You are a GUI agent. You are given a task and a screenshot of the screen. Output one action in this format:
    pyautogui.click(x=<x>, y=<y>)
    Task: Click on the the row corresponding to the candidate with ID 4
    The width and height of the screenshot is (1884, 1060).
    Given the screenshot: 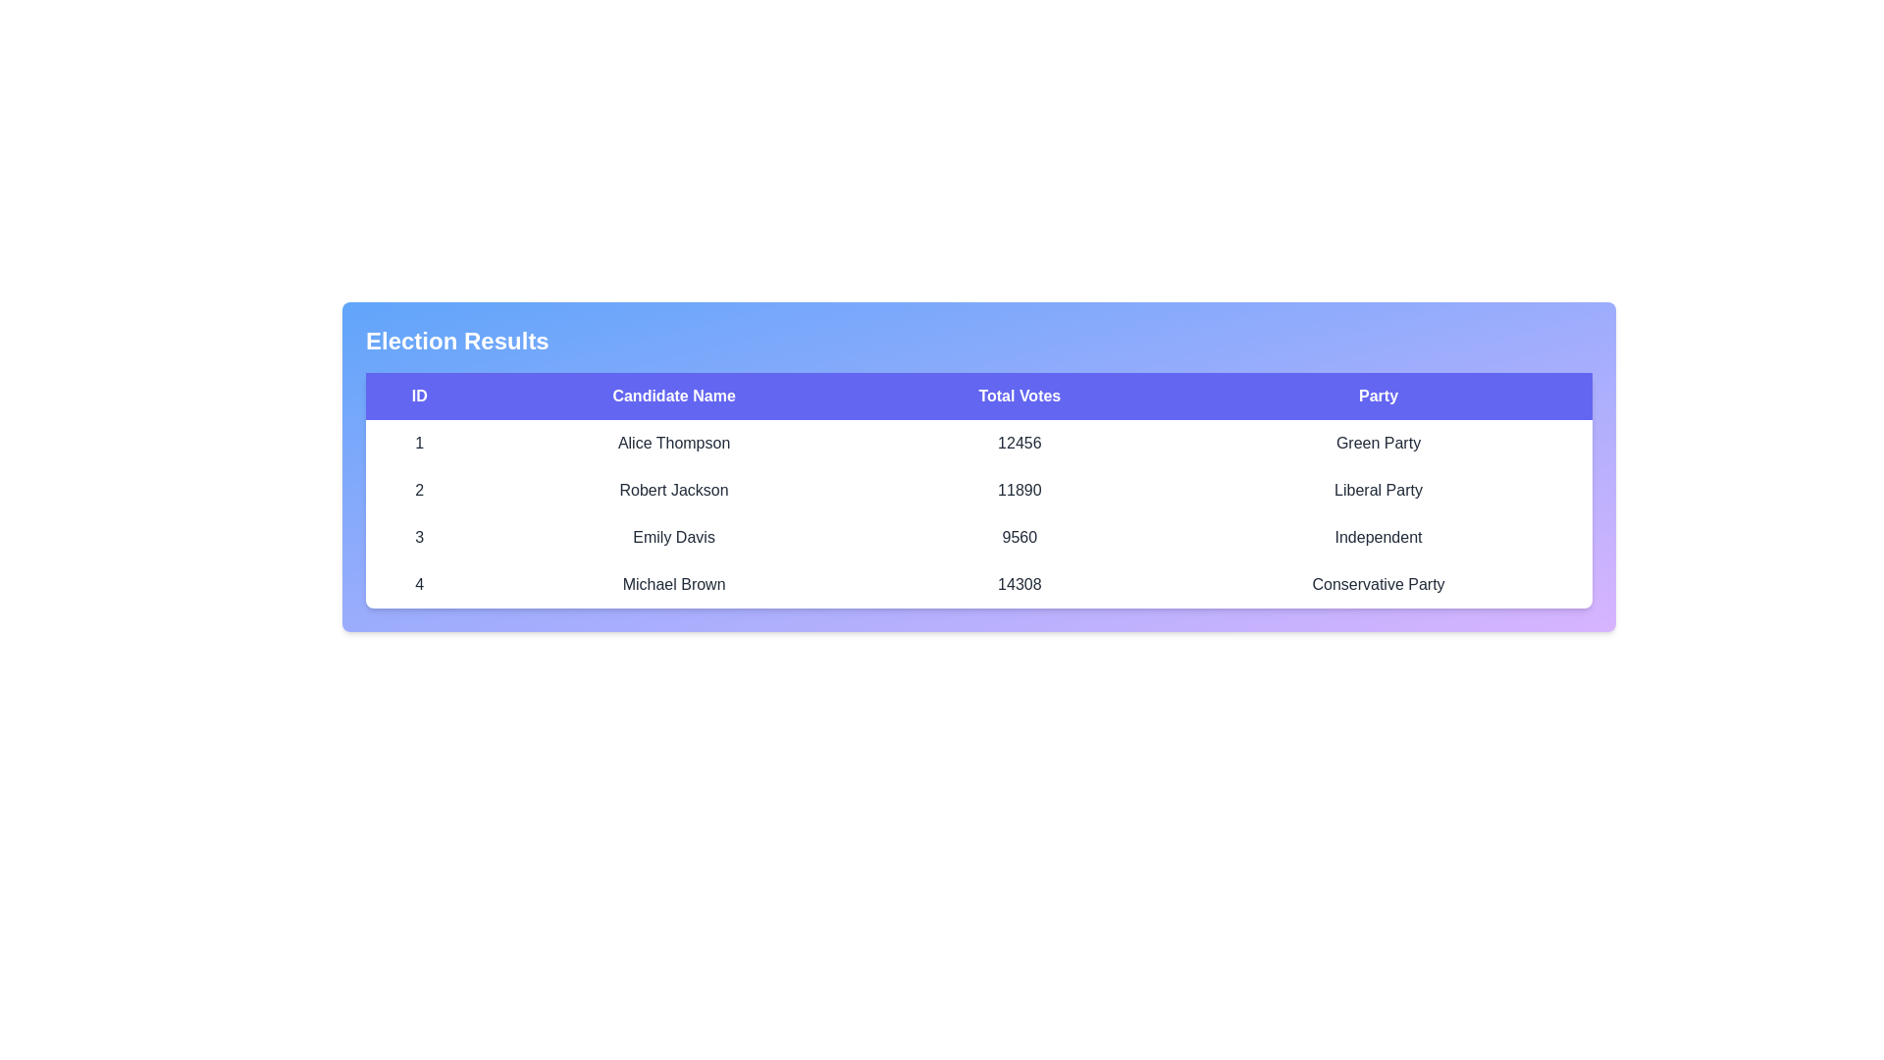 What is the action you would take?
    pyautogui.click(x=979, y=584)
    